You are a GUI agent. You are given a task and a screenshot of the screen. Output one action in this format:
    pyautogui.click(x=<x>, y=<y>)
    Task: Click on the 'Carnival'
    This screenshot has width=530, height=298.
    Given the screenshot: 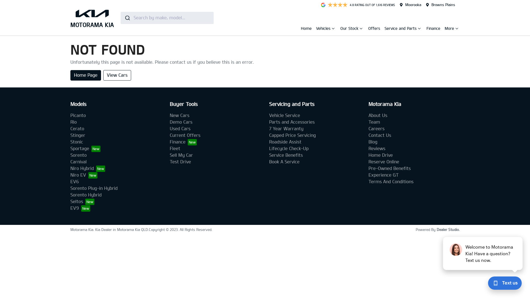 What is the action you would take?
    pyautogui.click(x=78, y=161)
    